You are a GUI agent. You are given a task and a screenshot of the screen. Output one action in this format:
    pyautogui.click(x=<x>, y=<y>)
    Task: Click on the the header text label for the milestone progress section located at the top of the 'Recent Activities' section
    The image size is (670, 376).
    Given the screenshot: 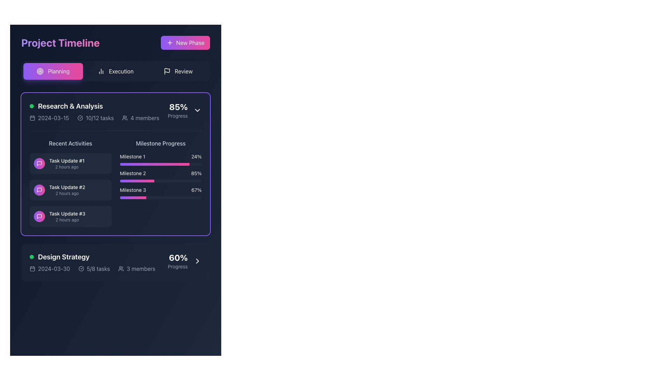 What is the action you would take?
    pyautogui.click(x=160, y=143)
    